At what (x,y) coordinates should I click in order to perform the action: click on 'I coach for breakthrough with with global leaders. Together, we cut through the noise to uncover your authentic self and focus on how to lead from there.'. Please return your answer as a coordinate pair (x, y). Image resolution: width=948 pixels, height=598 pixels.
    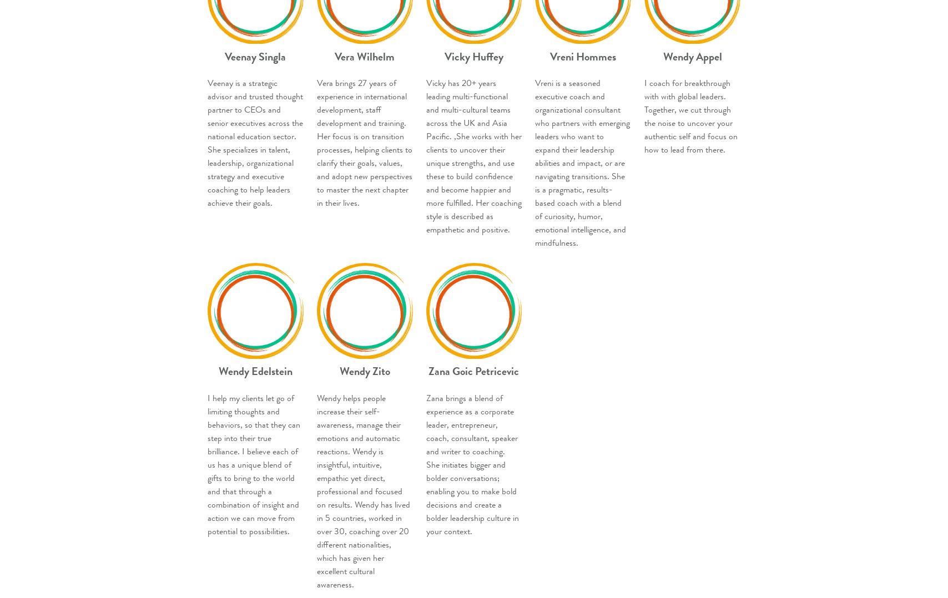
    Looking at the image, I should click on (644, 116).